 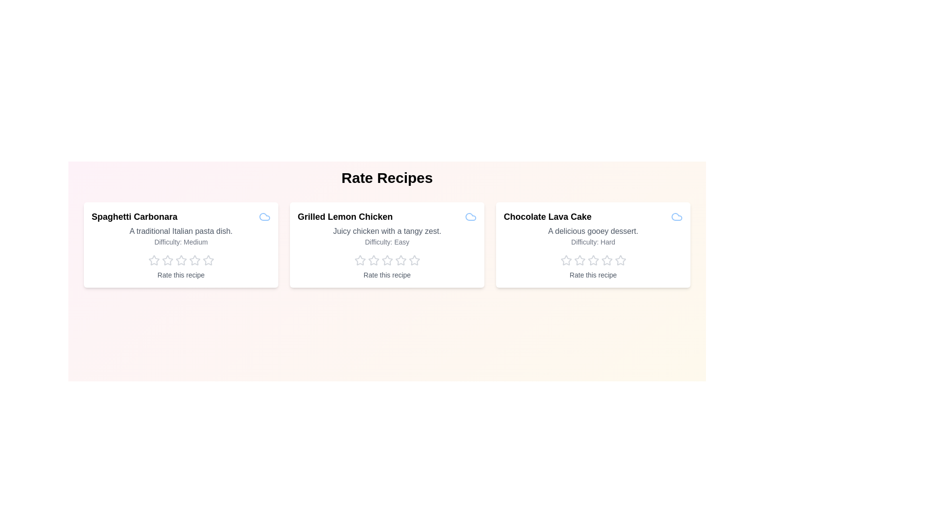 I want to click on the cloud icon for Spaghetti Carbonara to access additional features, so click(x=265, y=216).